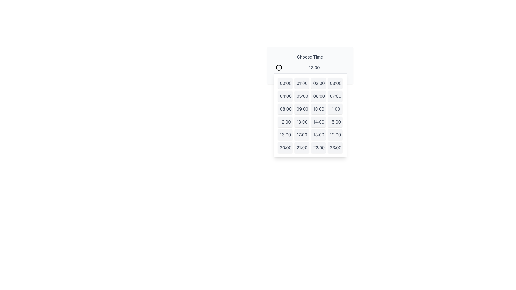 The width and height of the screenshot is (516, 290). I want to click on the button located in the third row and third column of the time selection grid, so click(318, 134).